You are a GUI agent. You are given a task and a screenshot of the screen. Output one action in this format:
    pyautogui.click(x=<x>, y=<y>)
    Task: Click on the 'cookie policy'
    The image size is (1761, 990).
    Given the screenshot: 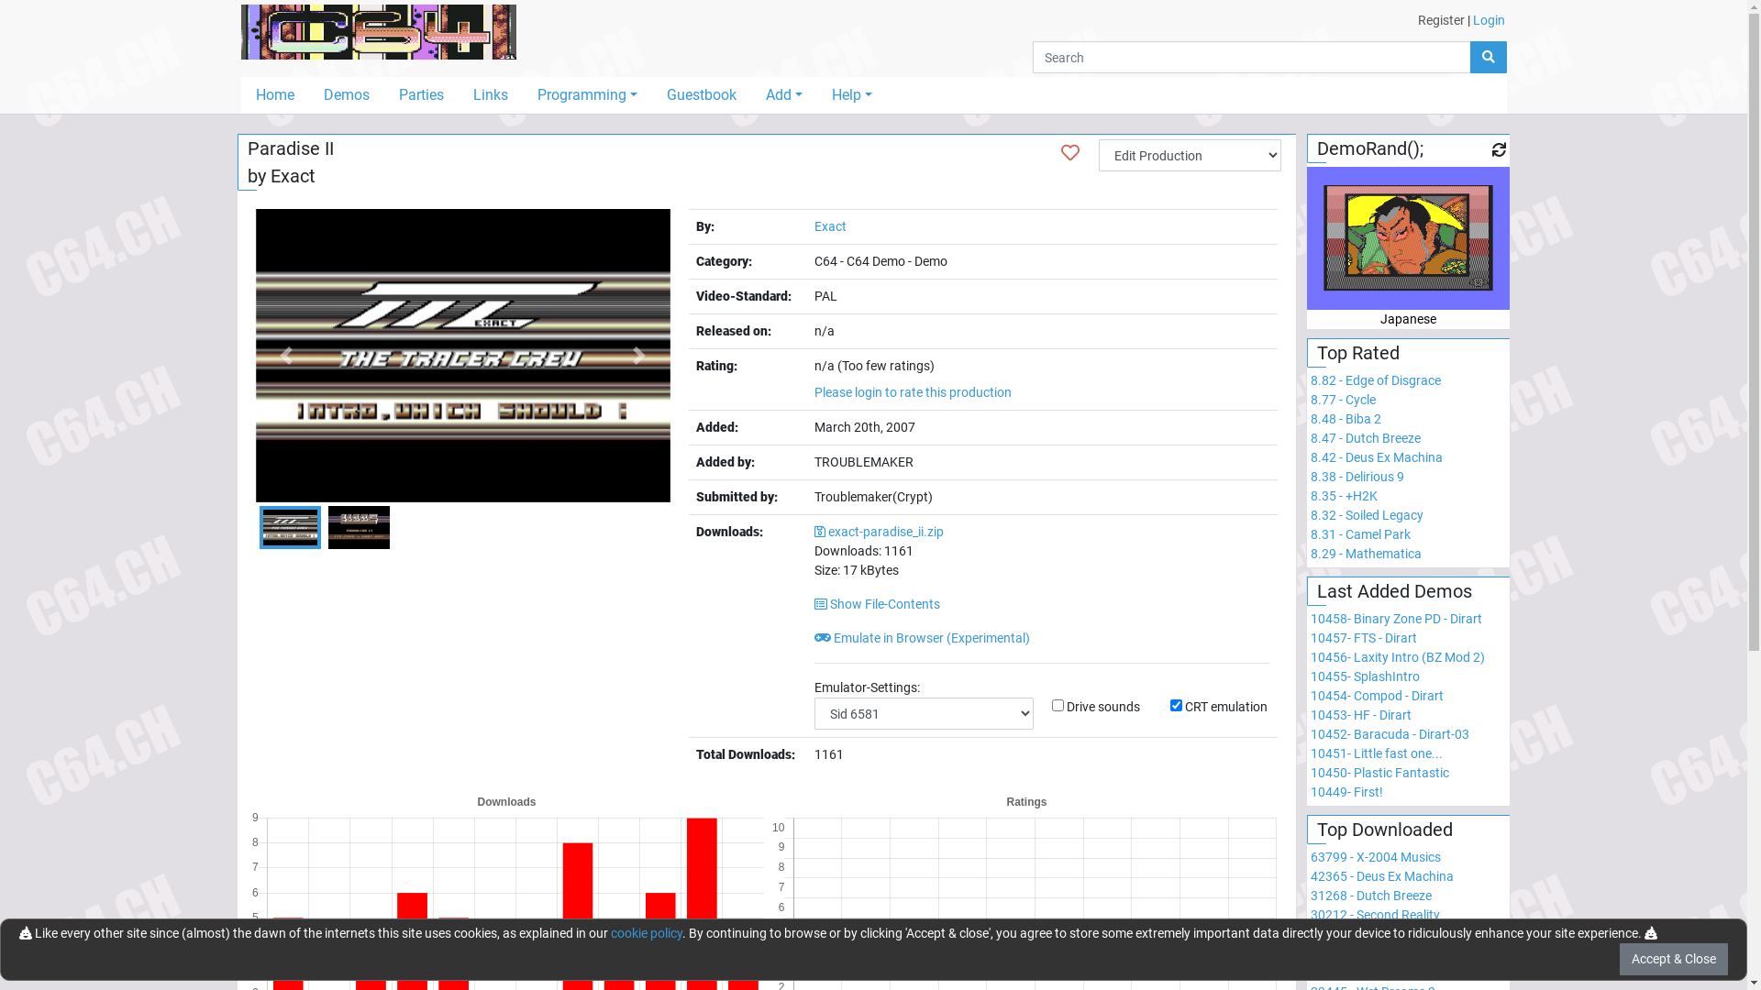 What is the action you would take?
    pyautogui.click(x=647, y=933)
    